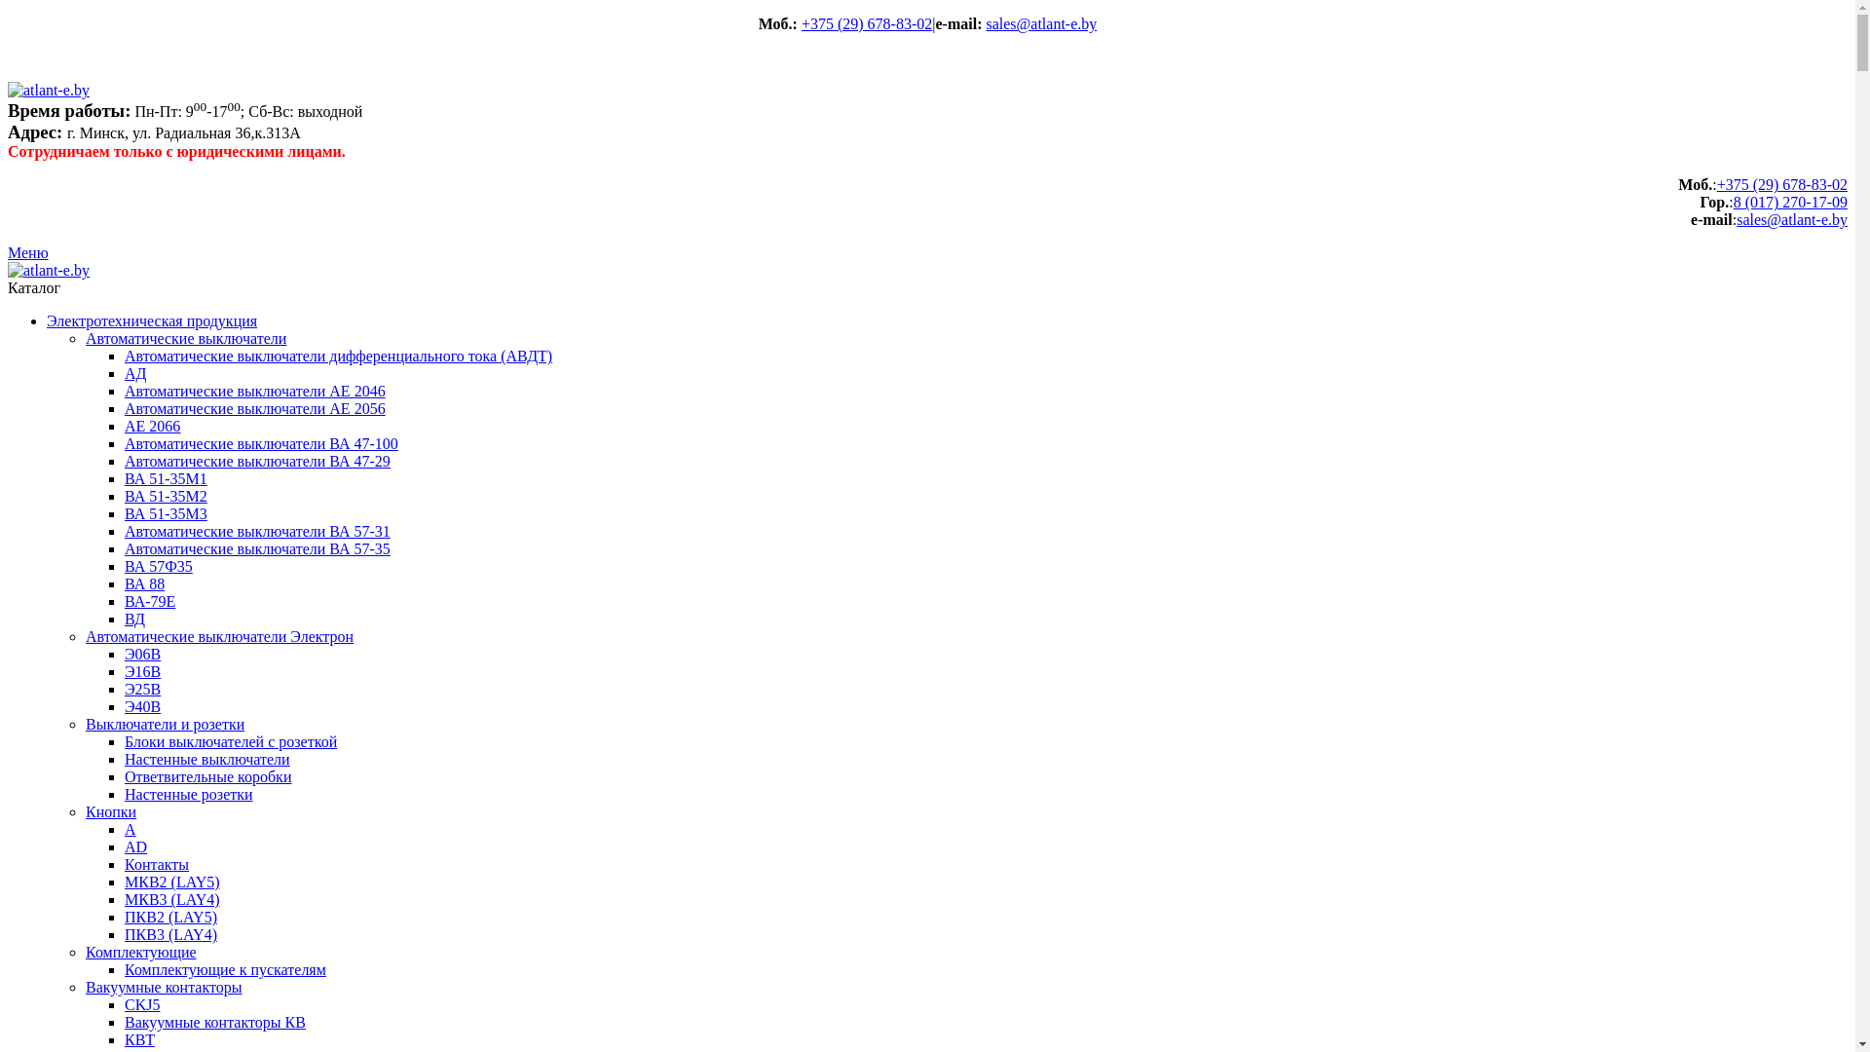 This screenshot has width=1870, height=1052. Describe the element at coordinates (1736, 219) in the screenshot. I see `'sales@atlant-e.by'` at that location.